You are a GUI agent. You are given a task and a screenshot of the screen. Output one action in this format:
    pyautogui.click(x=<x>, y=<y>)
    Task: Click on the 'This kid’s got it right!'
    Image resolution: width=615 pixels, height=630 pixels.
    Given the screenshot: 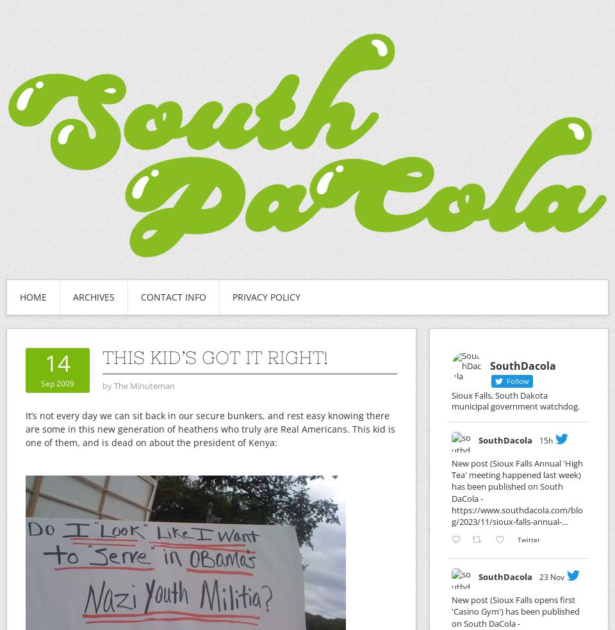 What is the action you would take?
    pyautogui.click(x=215, y=358)
    